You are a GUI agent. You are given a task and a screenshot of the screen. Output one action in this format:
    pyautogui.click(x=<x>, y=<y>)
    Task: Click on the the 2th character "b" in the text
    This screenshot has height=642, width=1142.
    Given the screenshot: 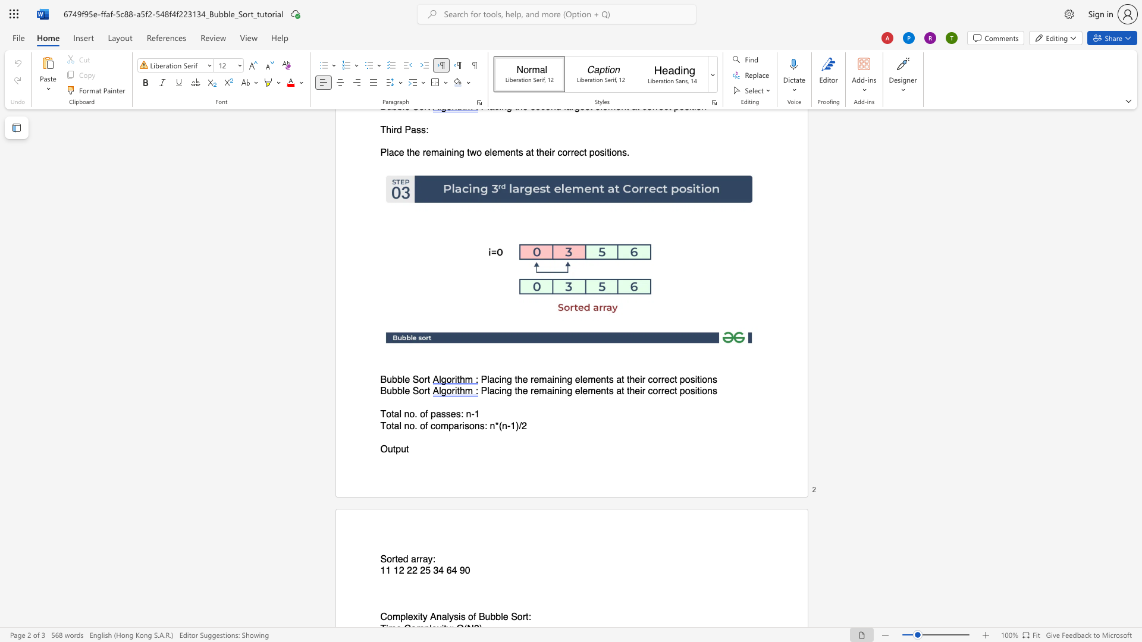 What is the action you would take?
    pyautogui.click(x=400, y=380)
    